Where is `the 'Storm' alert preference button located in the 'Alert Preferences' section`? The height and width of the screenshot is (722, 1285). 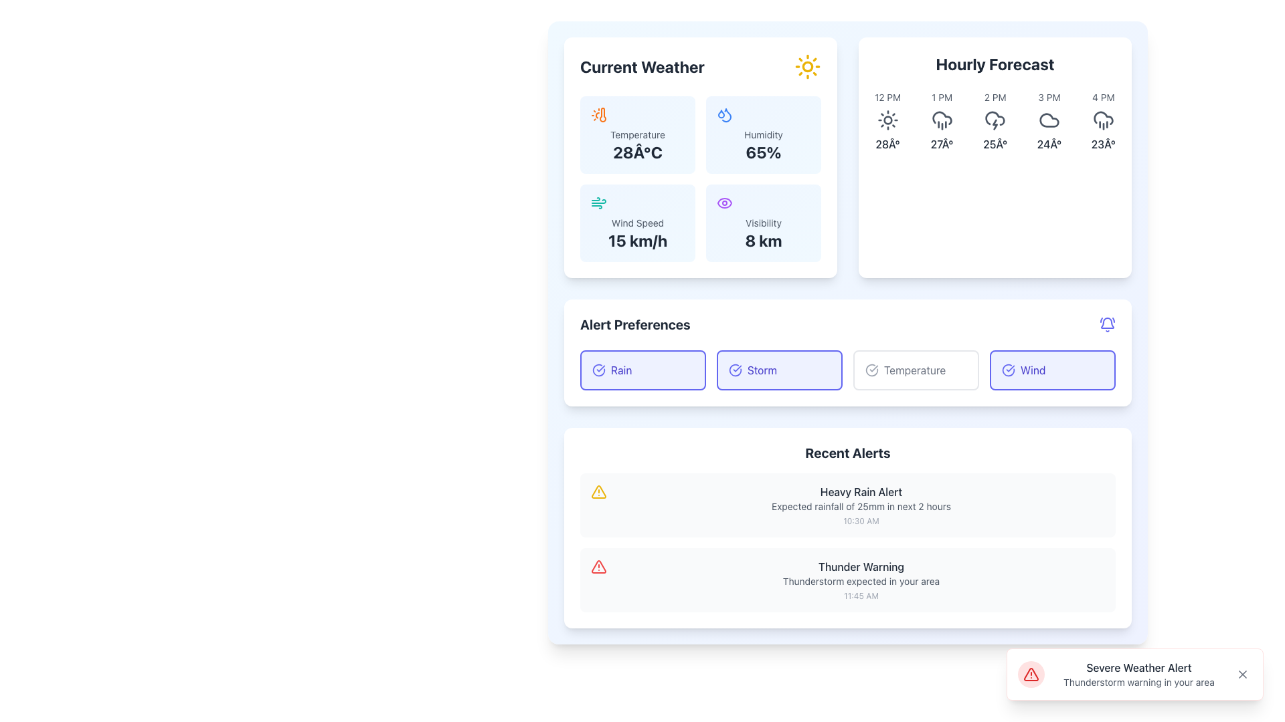
the 'Storm' alert preference button located in the 'Alert Preferences' section is located at coordinates (780, 370).